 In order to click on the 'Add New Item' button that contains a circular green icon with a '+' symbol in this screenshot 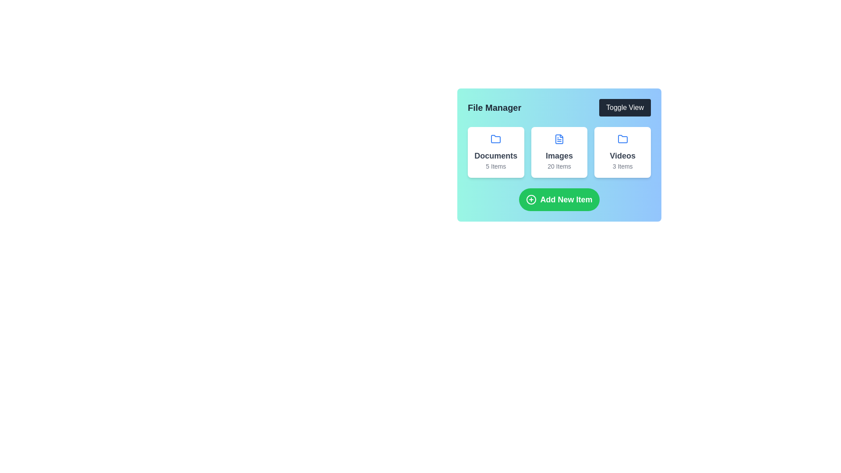, I will do `click(531, 199)`.